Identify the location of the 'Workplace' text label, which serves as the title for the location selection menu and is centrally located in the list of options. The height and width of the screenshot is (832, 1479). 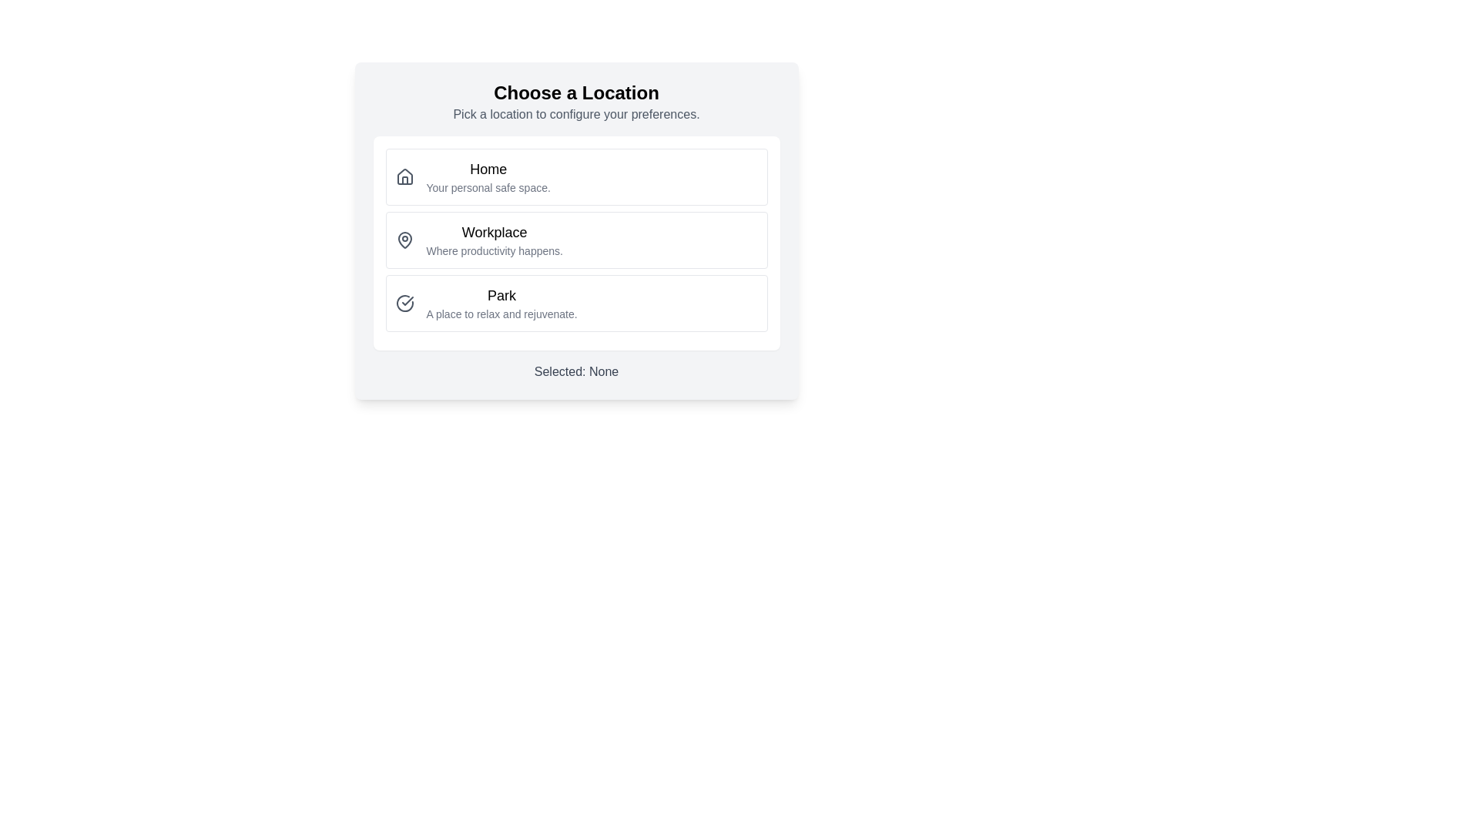
(495, 232).